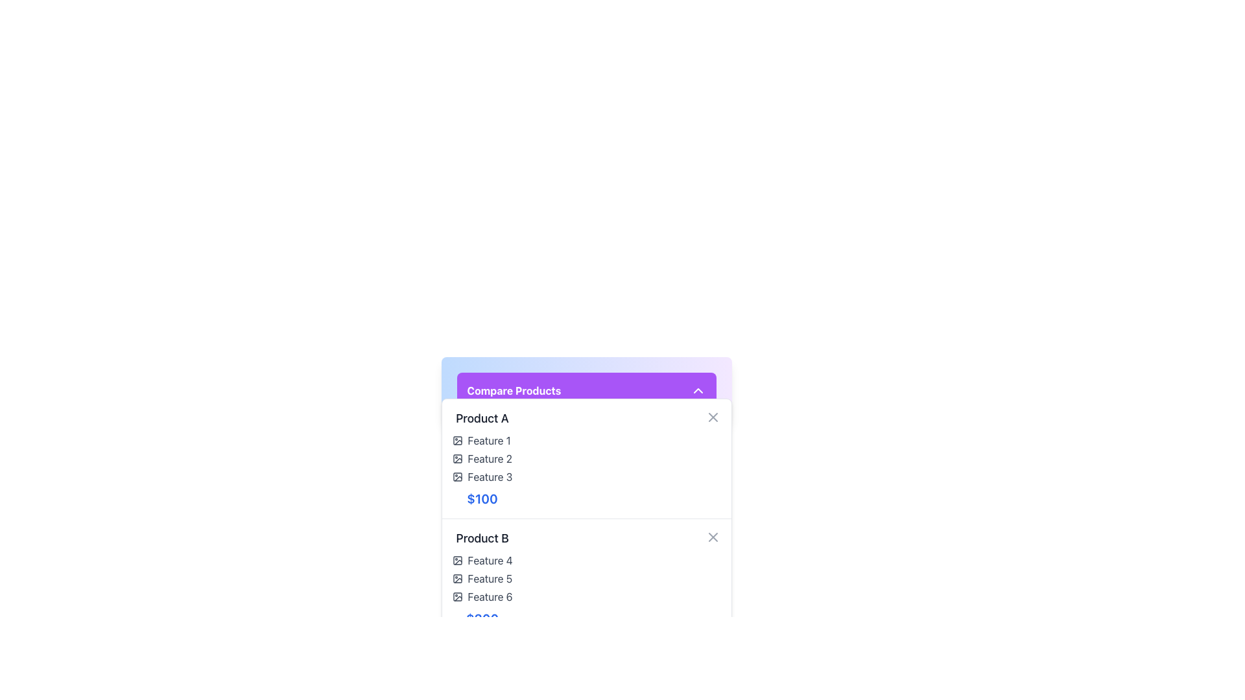 Image resolution: width=1245 pixels, height=700 pixels. I want to click on the informational text element 'Product B', which is displayed in a bold medium weight dark gray font within the comparison interface, so click(482, 538).